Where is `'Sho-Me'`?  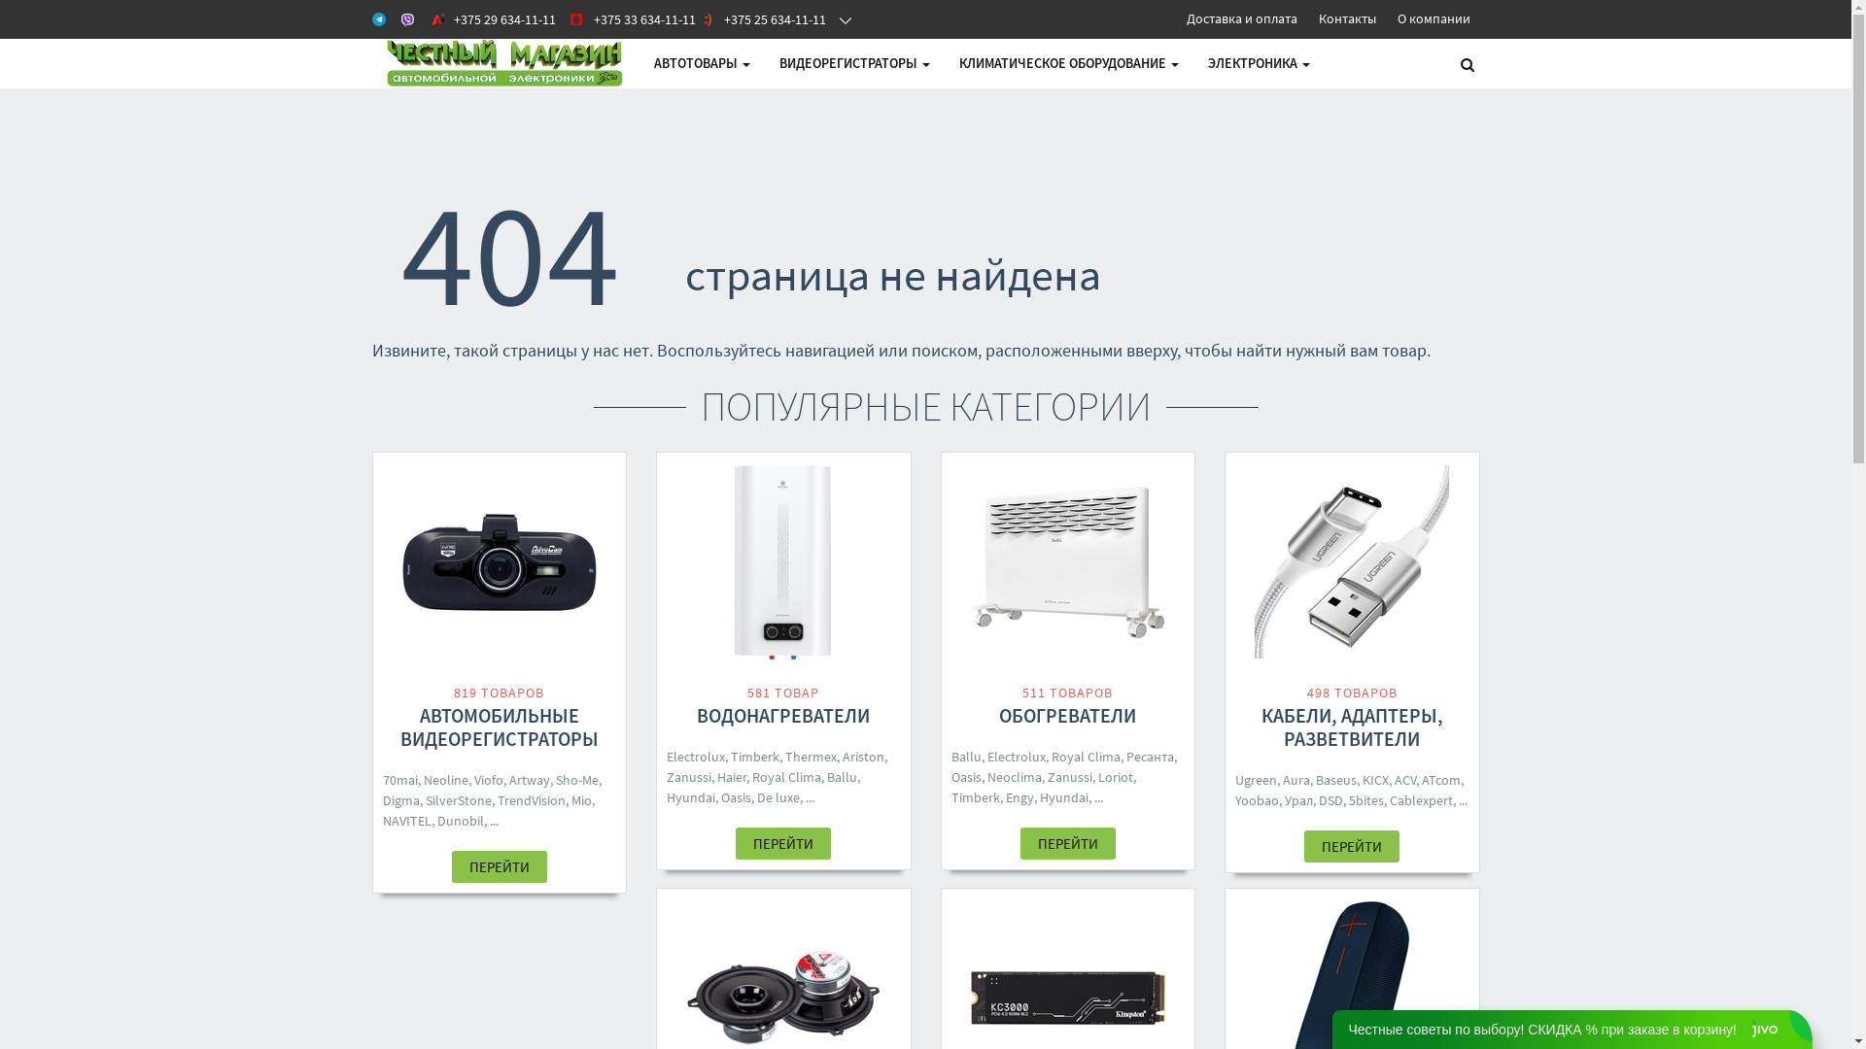
'Sho-Me' is located at coordinates (576, 778).